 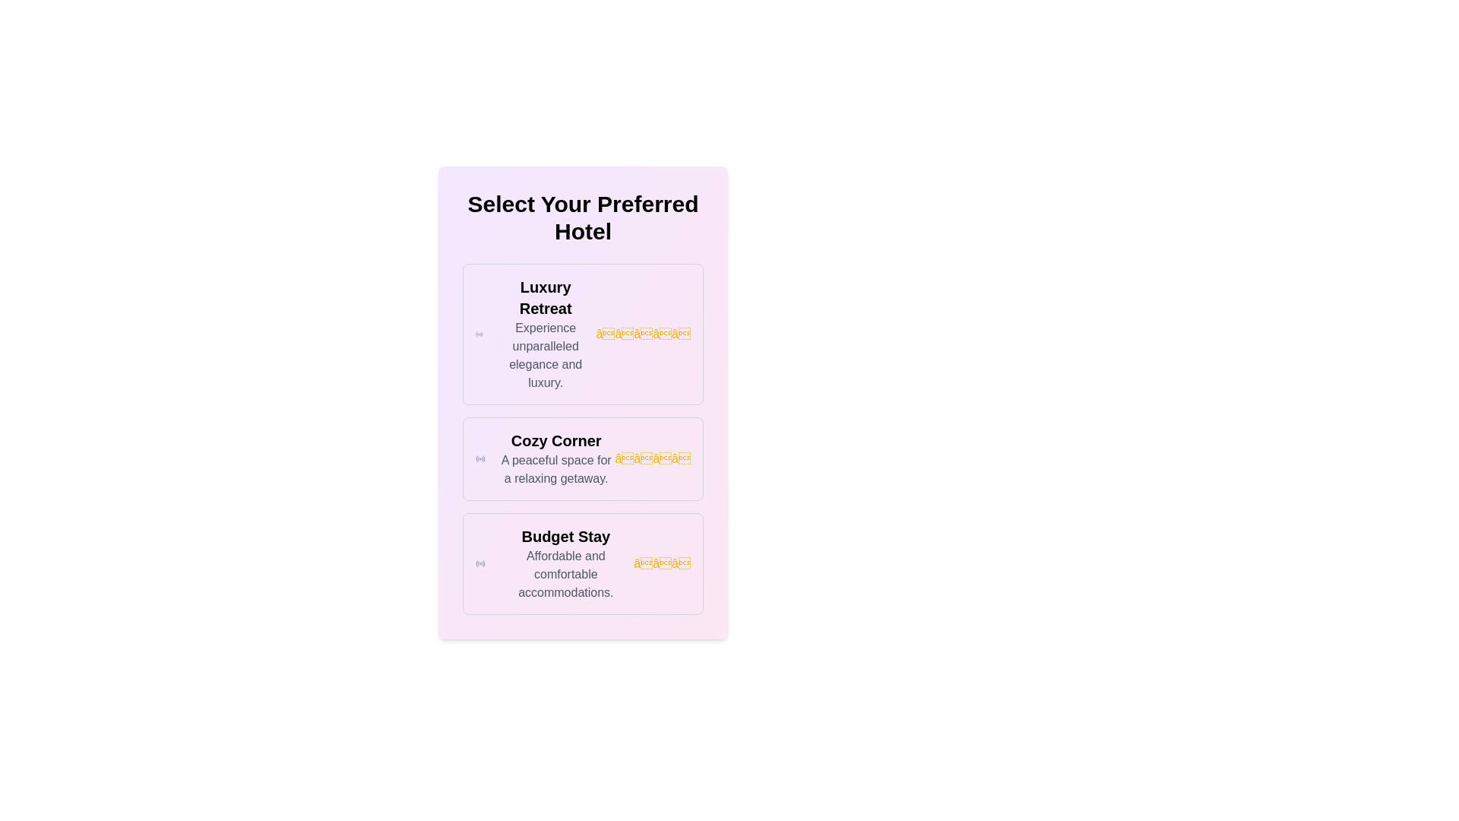 What do you see at coordinates (555, 458) in the screenshot?
I see `descriptive header text content for the 'Cozy Corner' selection, which is centrally located in the second card of a vertical list of three cards` at bounding box center [555, 458].